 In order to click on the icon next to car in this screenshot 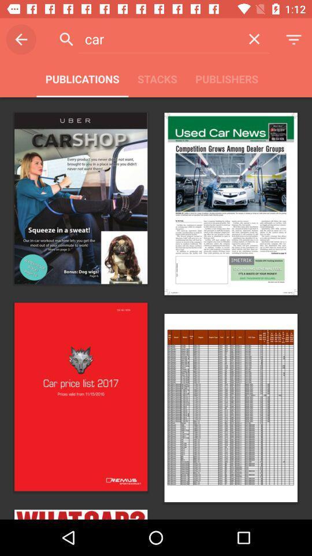, I will do `click(254, 39)`.